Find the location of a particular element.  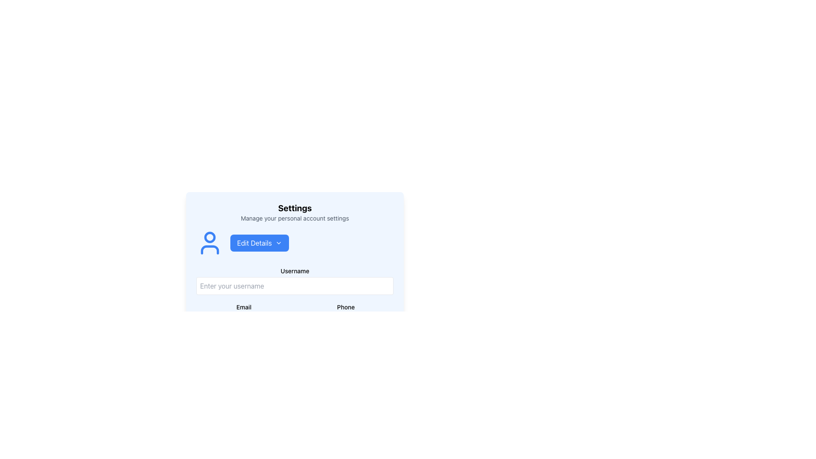

the graphical decoration that resembles the lower portion of a silhouette icon, styled in a minimal, line-based design, located below the circular part of the silhouette icon is located at coordinates (210, 249).